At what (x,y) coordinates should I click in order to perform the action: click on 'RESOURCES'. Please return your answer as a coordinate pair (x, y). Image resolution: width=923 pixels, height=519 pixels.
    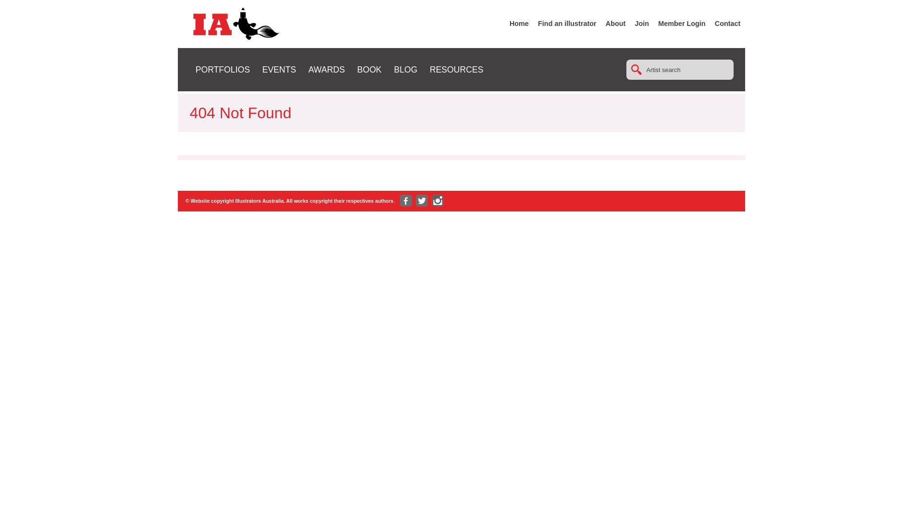
    Looking at the image, I should click on (456, 69).